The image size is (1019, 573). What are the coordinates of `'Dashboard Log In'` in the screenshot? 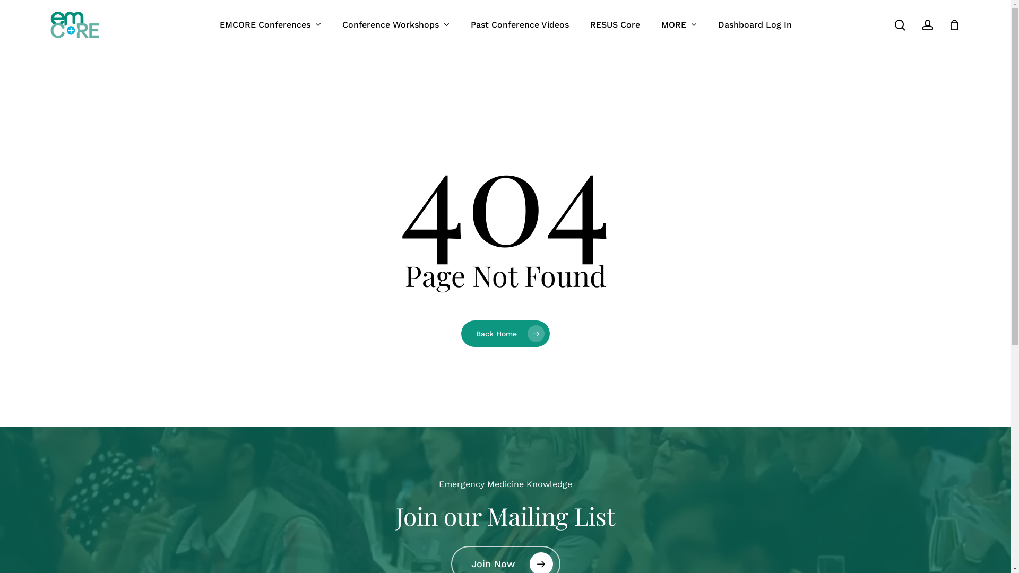 It's located at (754, 24).